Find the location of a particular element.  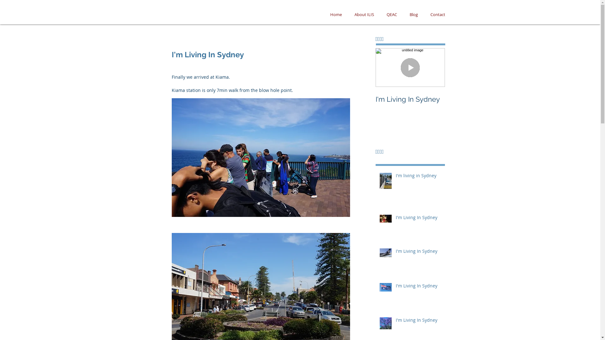

'About ILIS' is located at coordinates (364, 14).